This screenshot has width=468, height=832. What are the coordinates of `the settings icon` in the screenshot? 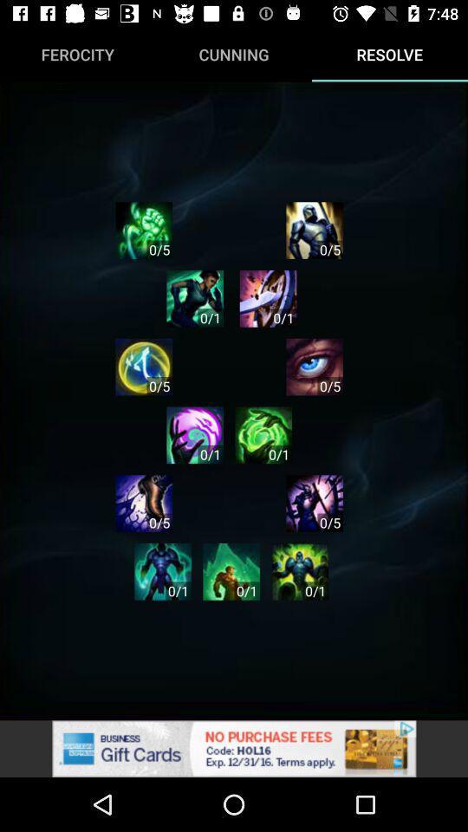 It's located at (143, 230).